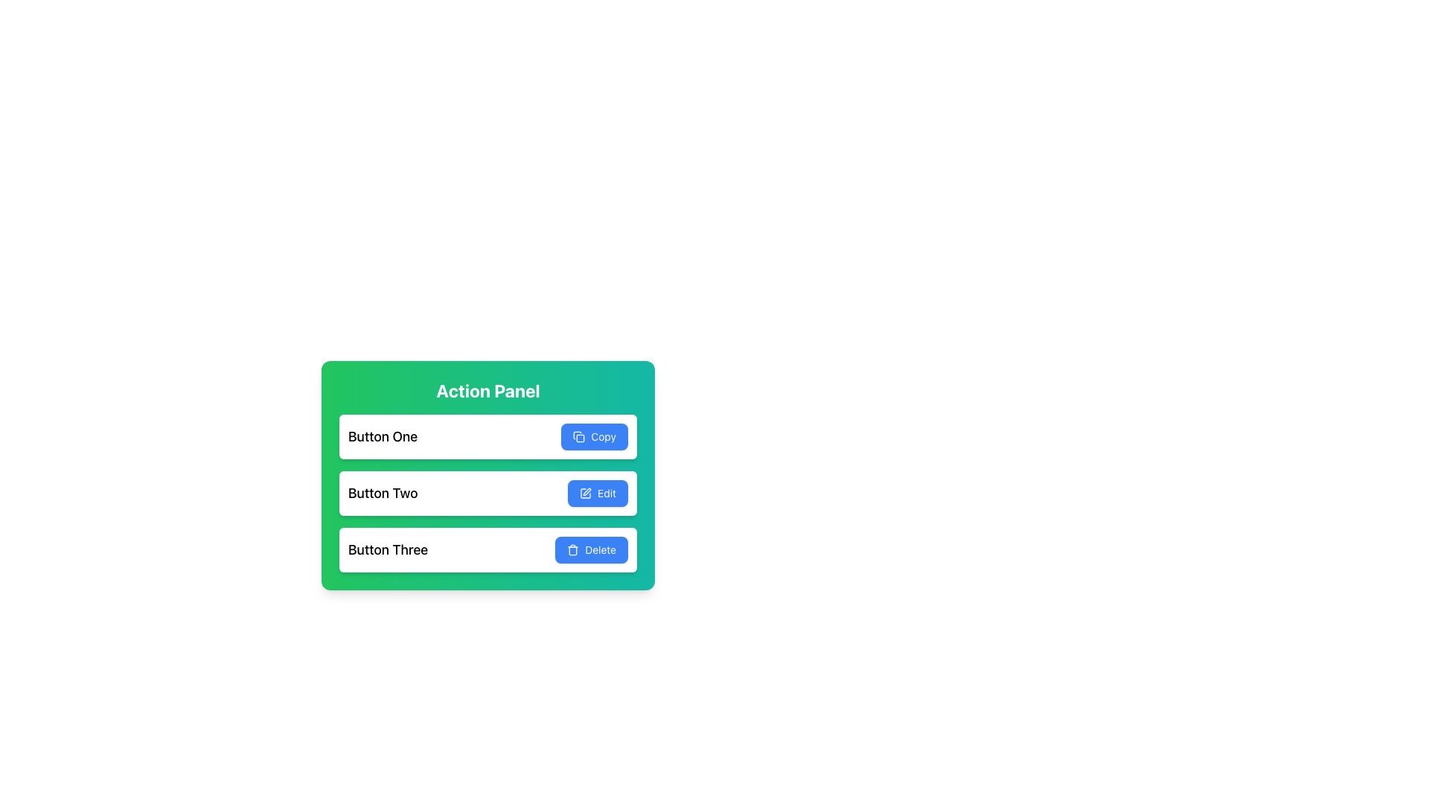  What do you see at coordinates (488, 476) in the screenshot?
I see `the second row labeled 'Button Two' in the Action Panel` at bounding box center [488, 476].